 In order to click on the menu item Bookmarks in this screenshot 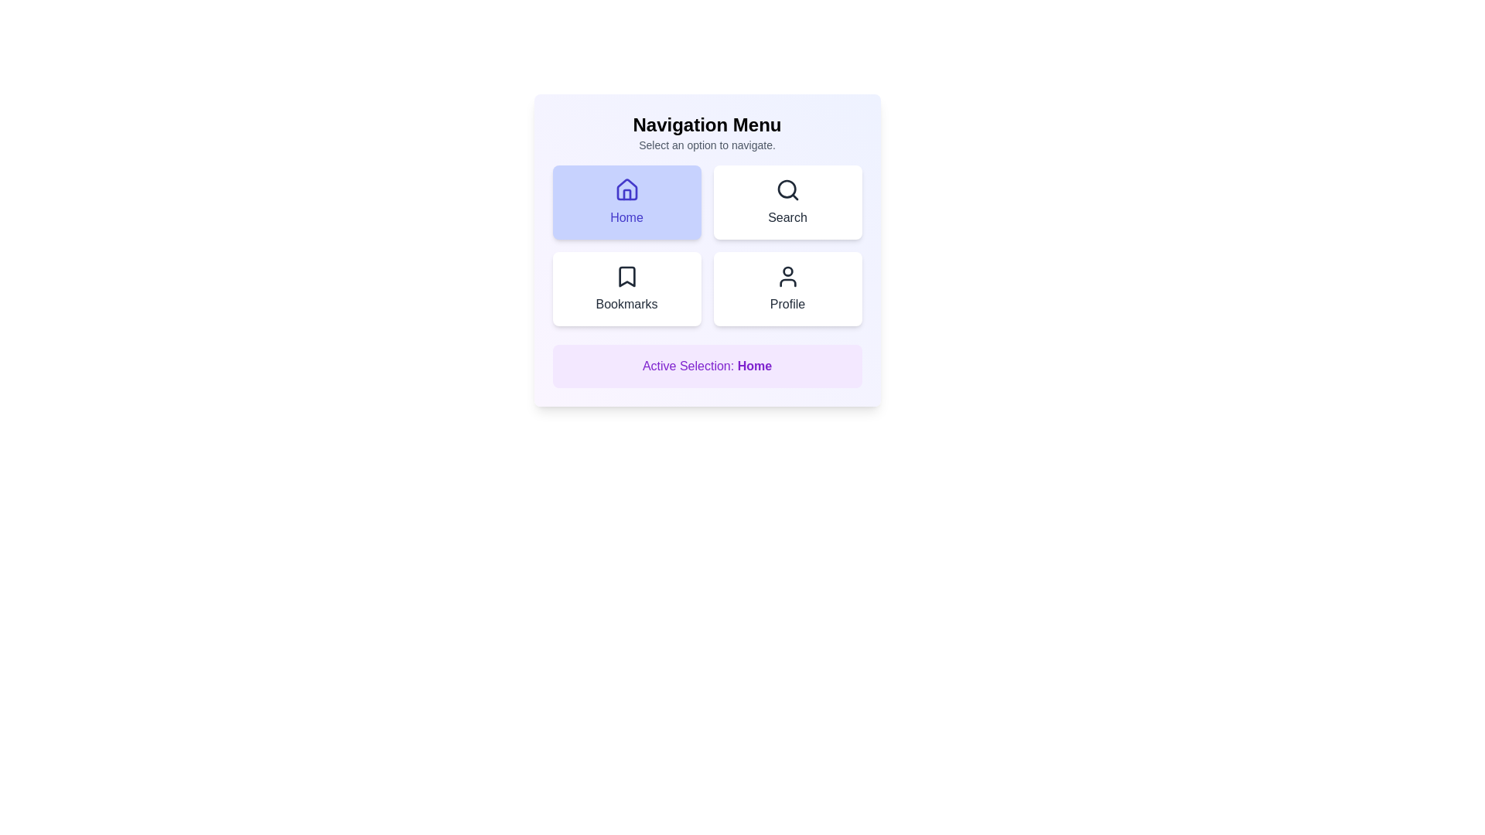, I will do `click(626, 289)`.